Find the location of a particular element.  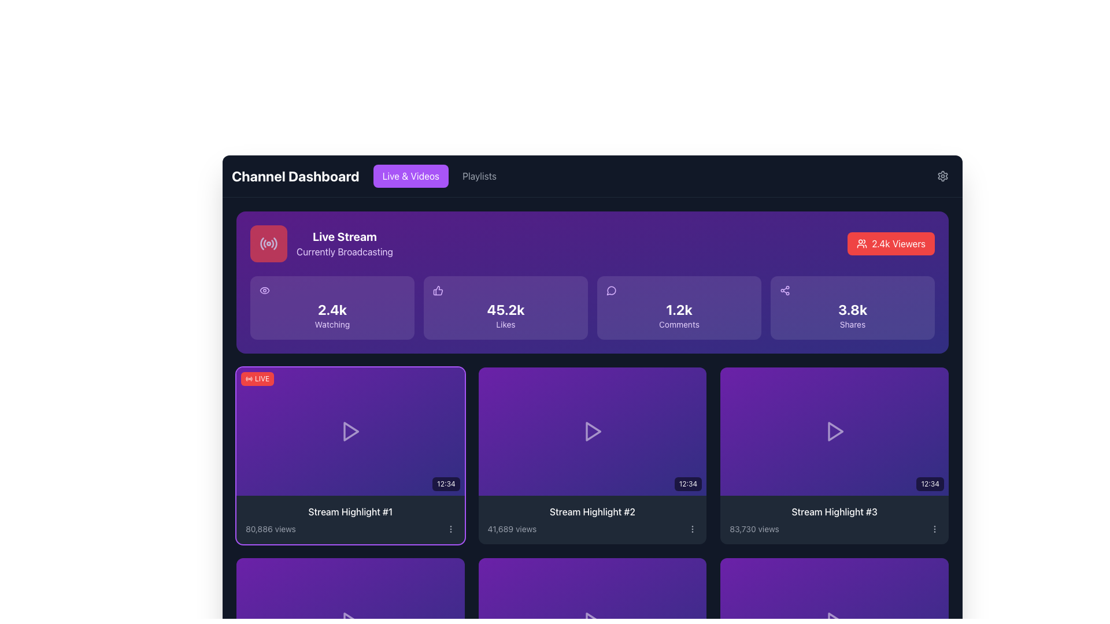

the clickable media preview indicating an ongoing 'LIVE' broadcast, which is the leftmost element is located at coordinates (349, 430).